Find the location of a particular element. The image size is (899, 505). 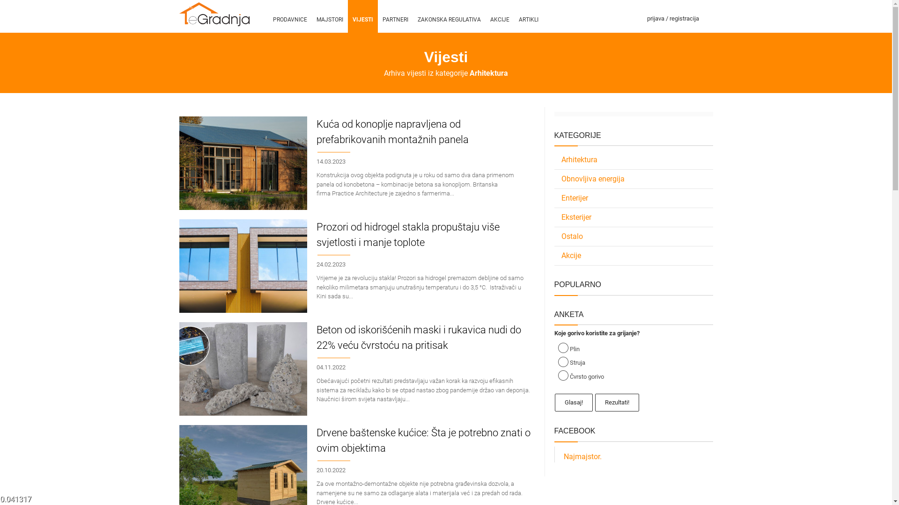

'VIJESTI' is located at coordinates (361, 16).